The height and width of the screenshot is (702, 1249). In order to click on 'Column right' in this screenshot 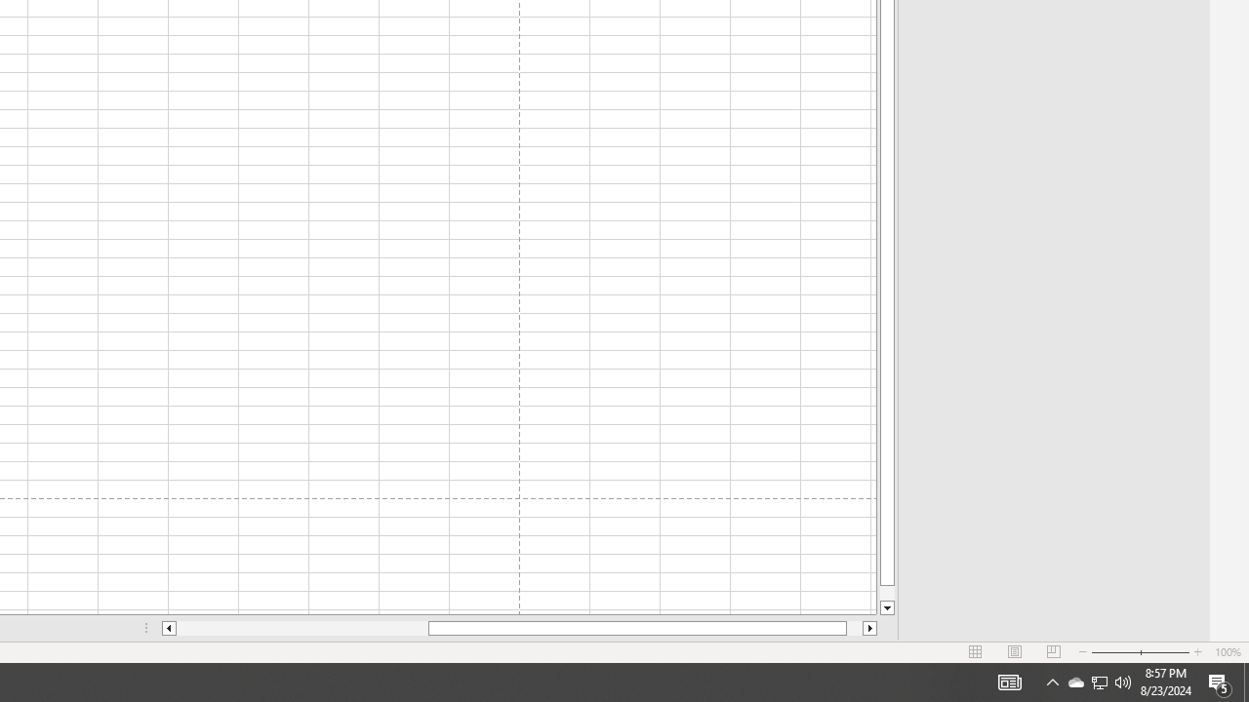, I will do `click(869, 628)`.